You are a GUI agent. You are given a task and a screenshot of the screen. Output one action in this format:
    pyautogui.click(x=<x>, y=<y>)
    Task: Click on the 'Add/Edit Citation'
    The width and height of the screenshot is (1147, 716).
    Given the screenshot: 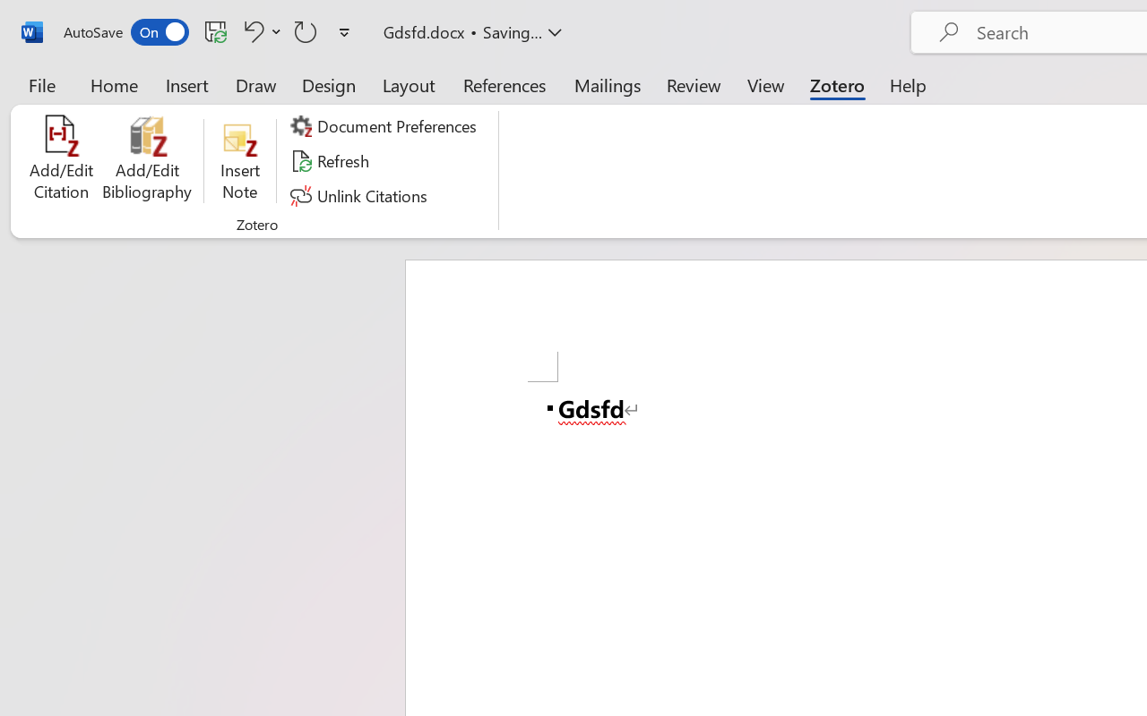 What is the action you would take?
    pyautogui.click(x=61, y=160)
    